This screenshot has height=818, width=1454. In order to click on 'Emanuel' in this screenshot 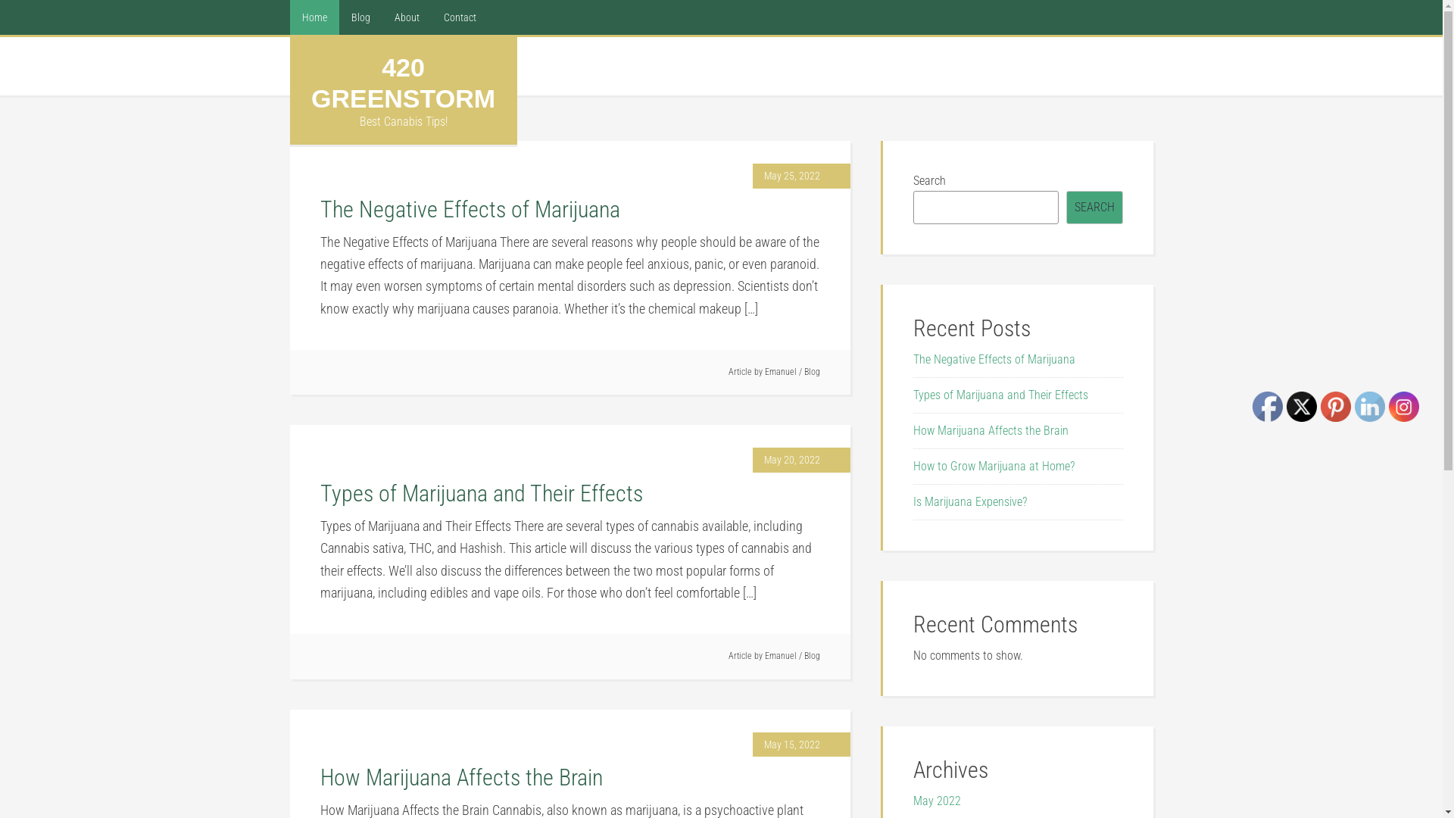, I will do `click(781, 371)`.